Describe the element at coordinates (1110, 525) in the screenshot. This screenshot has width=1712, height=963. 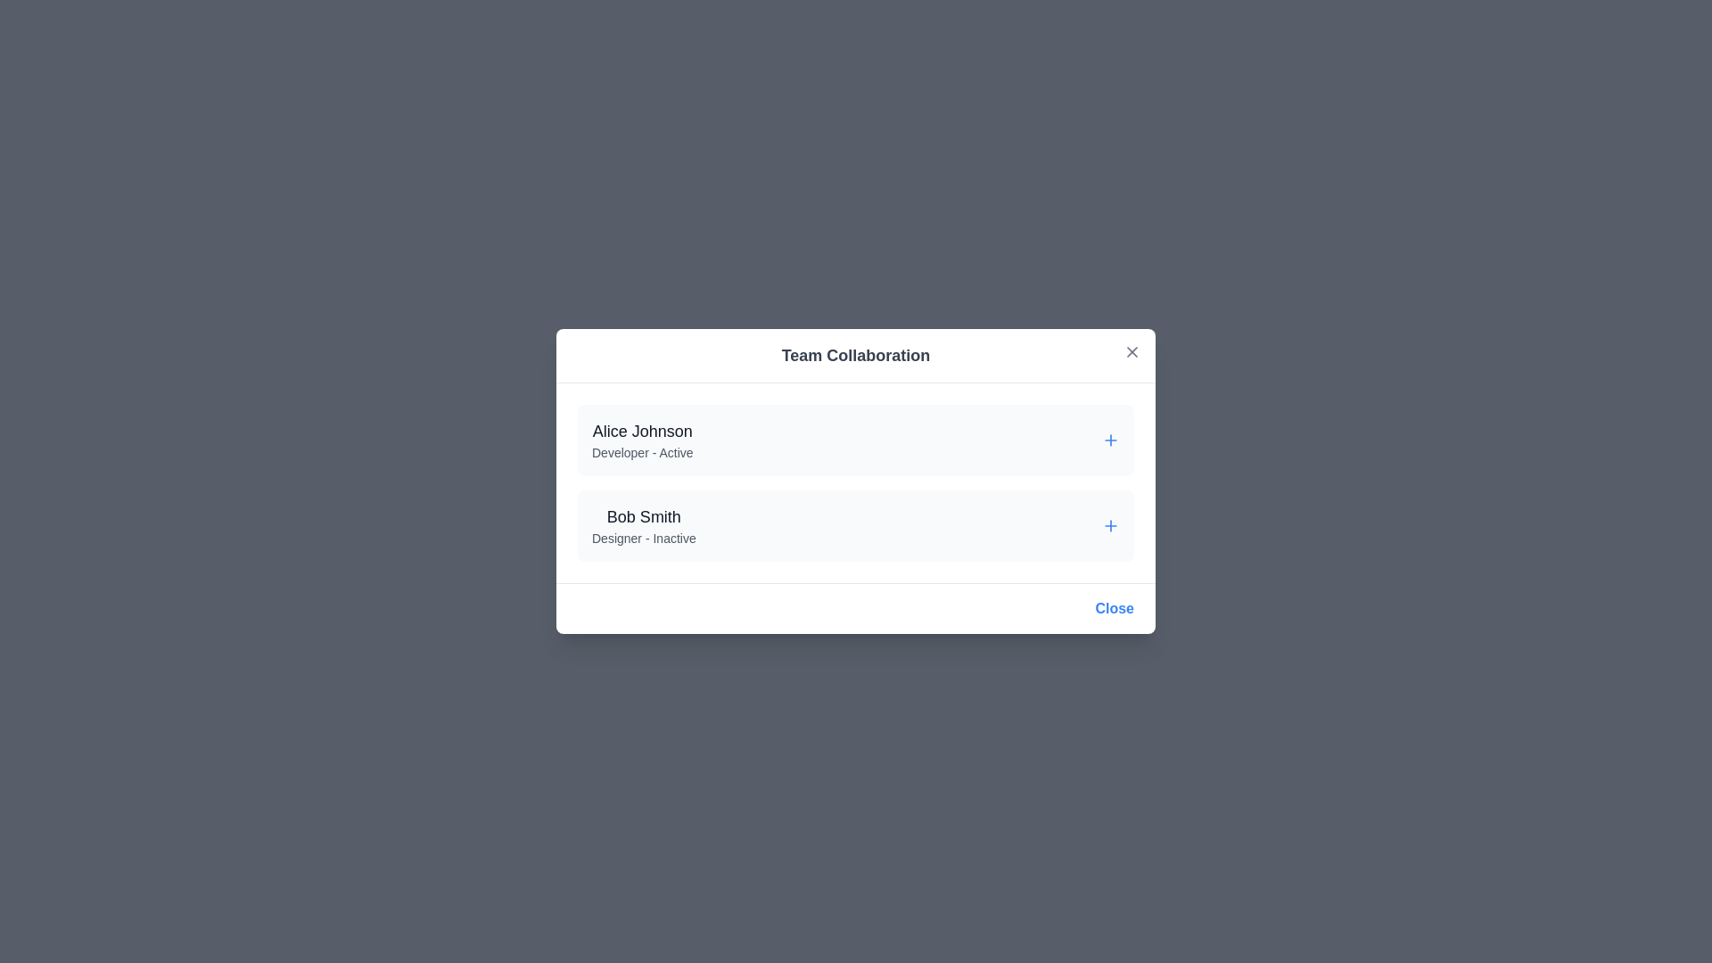
I see `'+' button next to 'Bob Smith' to view details` at that location.